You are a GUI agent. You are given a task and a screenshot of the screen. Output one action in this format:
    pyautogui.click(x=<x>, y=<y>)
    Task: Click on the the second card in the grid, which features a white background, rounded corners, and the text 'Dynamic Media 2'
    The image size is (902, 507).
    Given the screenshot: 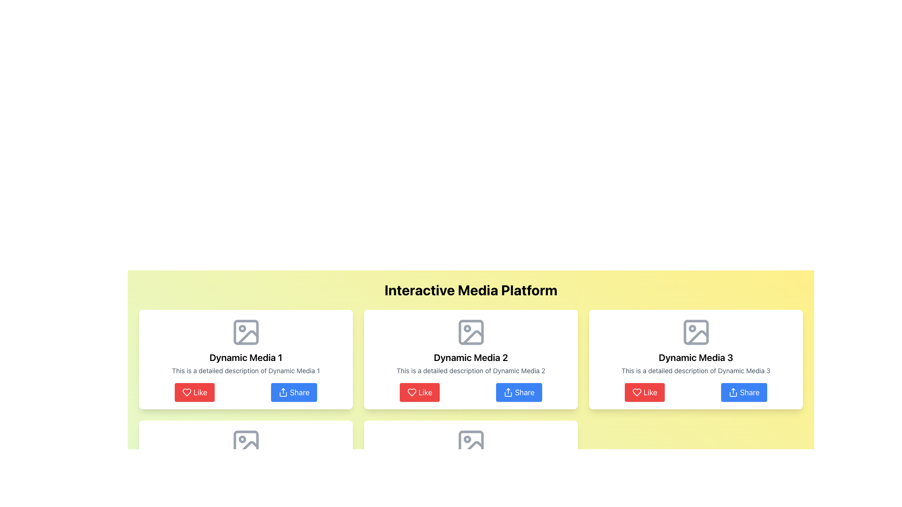 What is the action you would take?
    pyautogui.click(x=471, y=359)
    